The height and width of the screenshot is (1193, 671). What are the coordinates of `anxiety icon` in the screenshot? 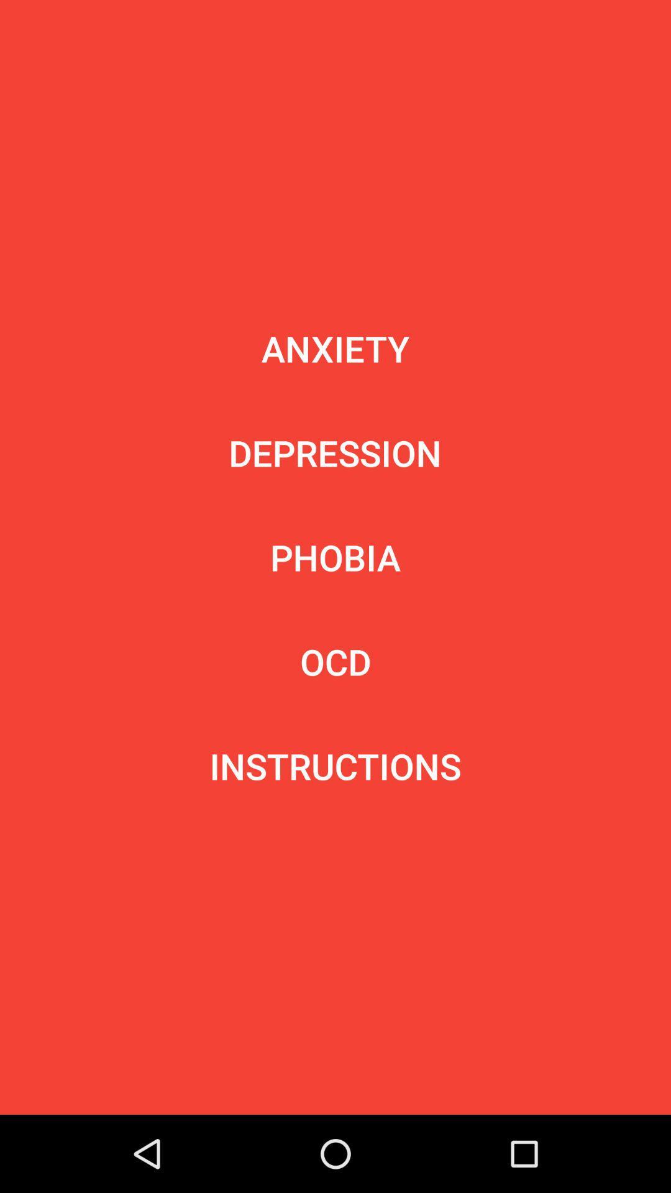 It's located at (335, 348).